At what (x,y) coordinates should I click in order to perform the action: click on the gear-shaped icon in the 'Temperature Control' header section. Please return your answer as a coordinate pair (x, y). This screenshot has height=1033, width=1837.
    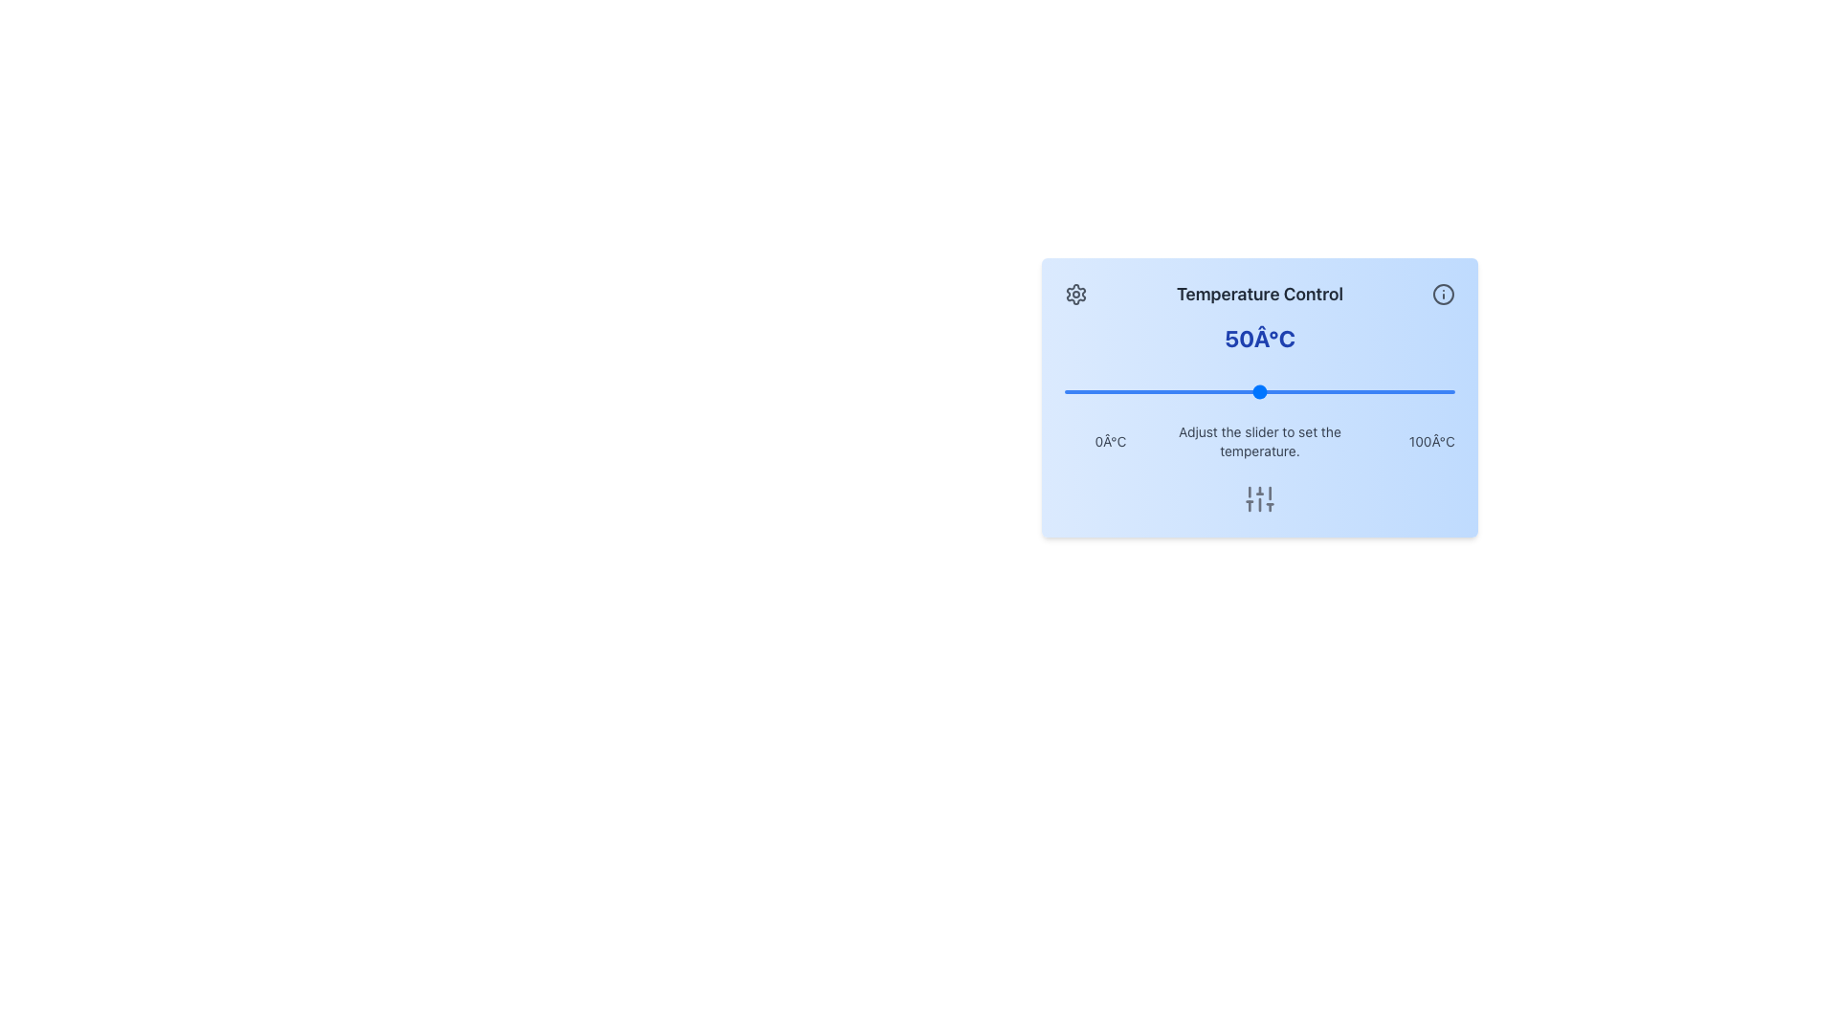
    Looking at the image, I should click on (1075, 295).